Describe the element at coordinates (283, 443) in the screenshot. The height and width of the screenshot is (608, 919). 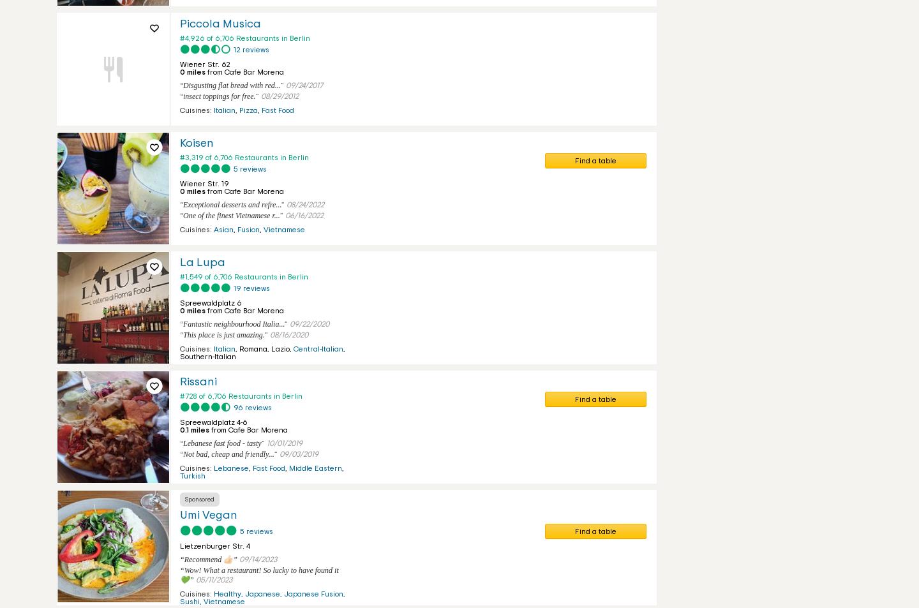
I see `'10/01/2019'` at that location.